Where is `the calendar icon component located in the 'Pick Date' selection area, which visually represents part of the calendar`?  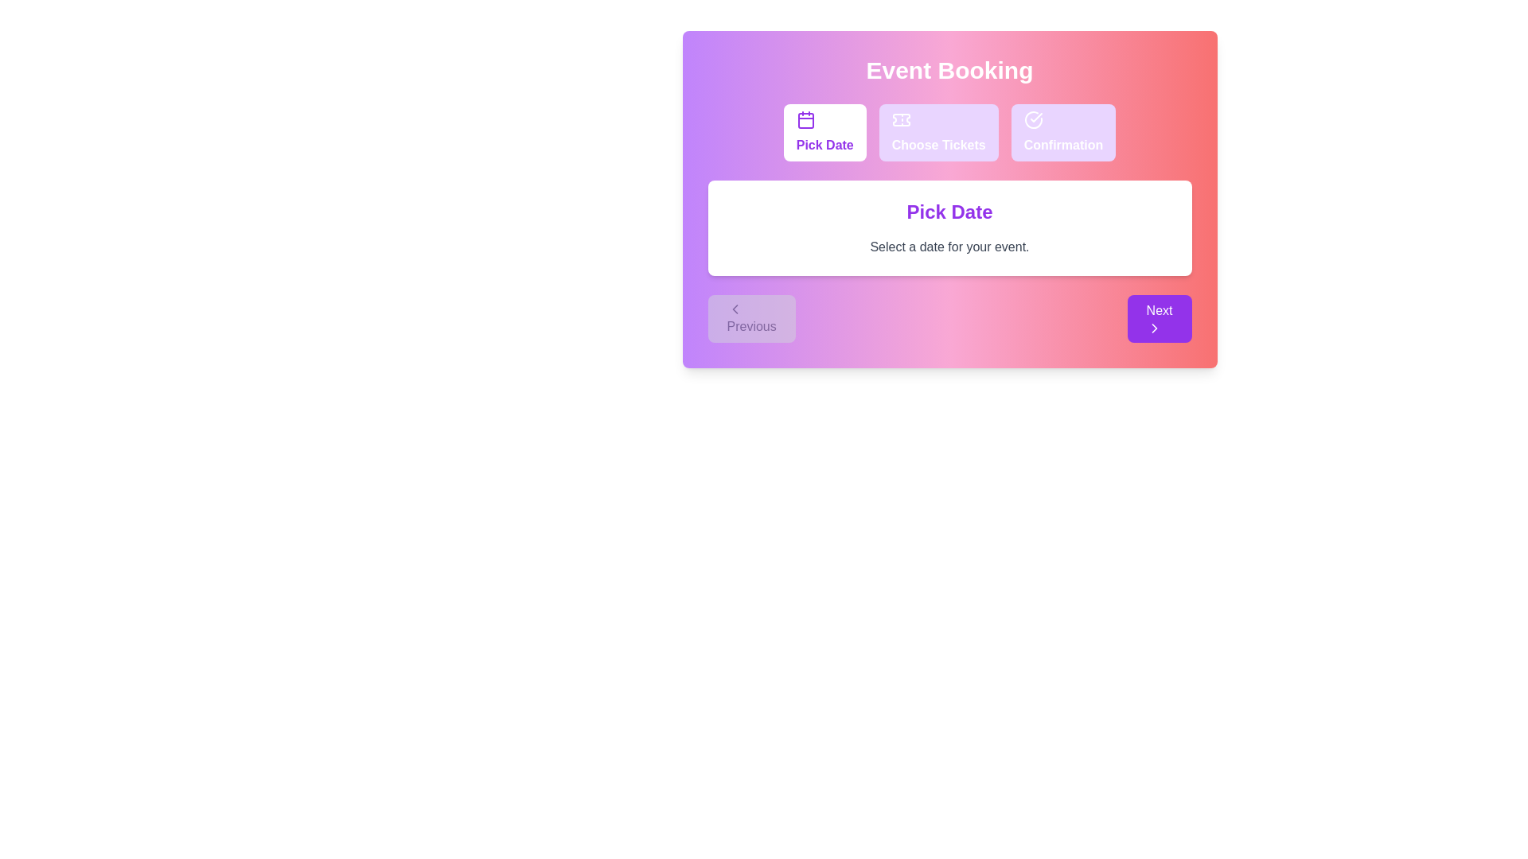
the calendar icon component located in the 'Pick Date' selection area, which visually represents part of the calendar is located at coordinates (805, 119).